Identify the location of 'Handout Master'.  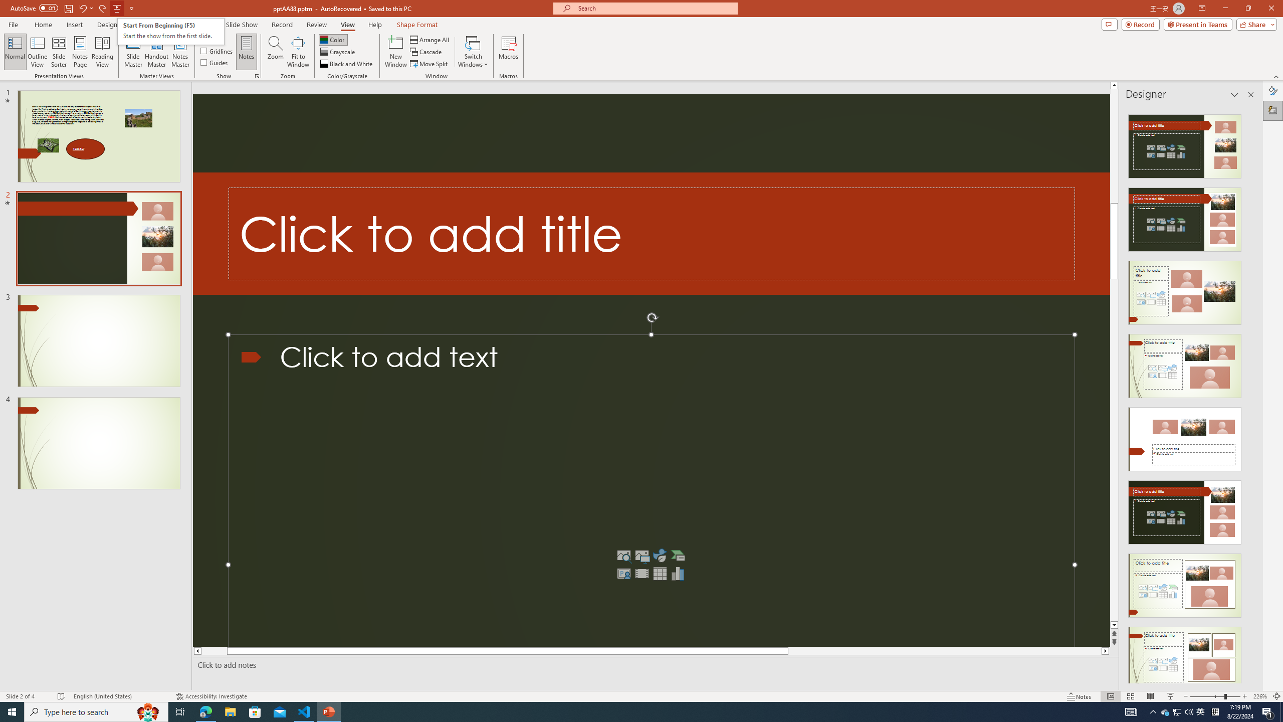
(156, 52).